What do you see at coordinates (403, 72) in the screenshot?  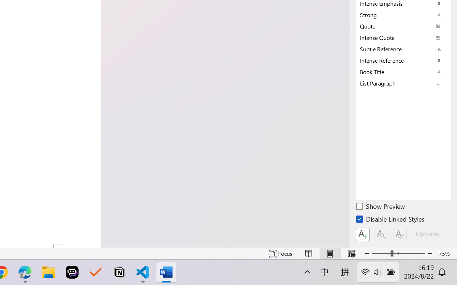 I see `'Book Title'` at bounding box center [403, 72].